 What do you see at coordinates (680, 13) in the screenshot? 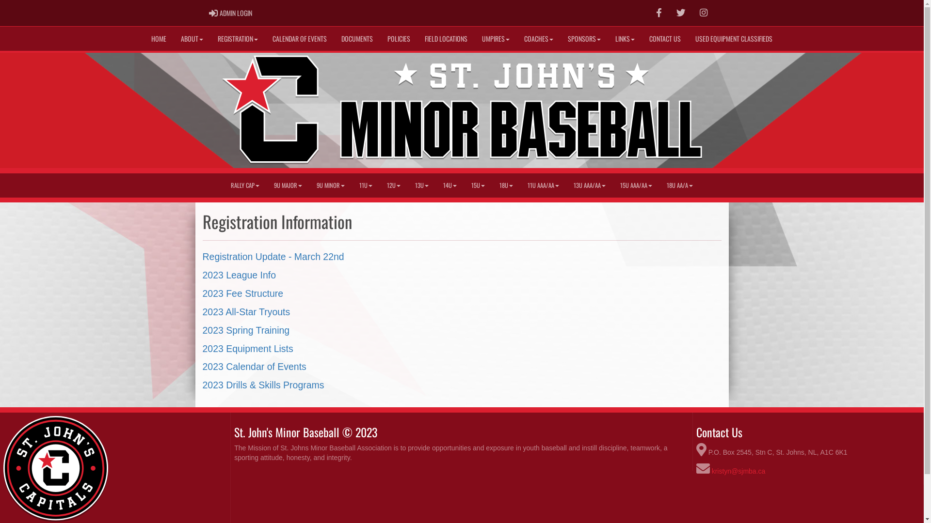
I see `'follow us'` at bounding box center [680, 13].